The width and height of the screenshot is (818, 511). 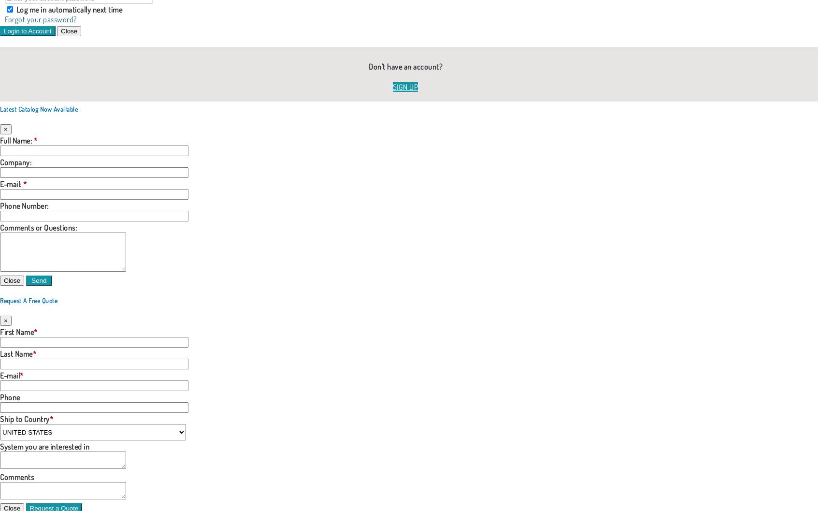 What do you see at coordinates (404, 86) in the screenshot?
I see `'SIGN UP'` at bounding box center [404, 86].